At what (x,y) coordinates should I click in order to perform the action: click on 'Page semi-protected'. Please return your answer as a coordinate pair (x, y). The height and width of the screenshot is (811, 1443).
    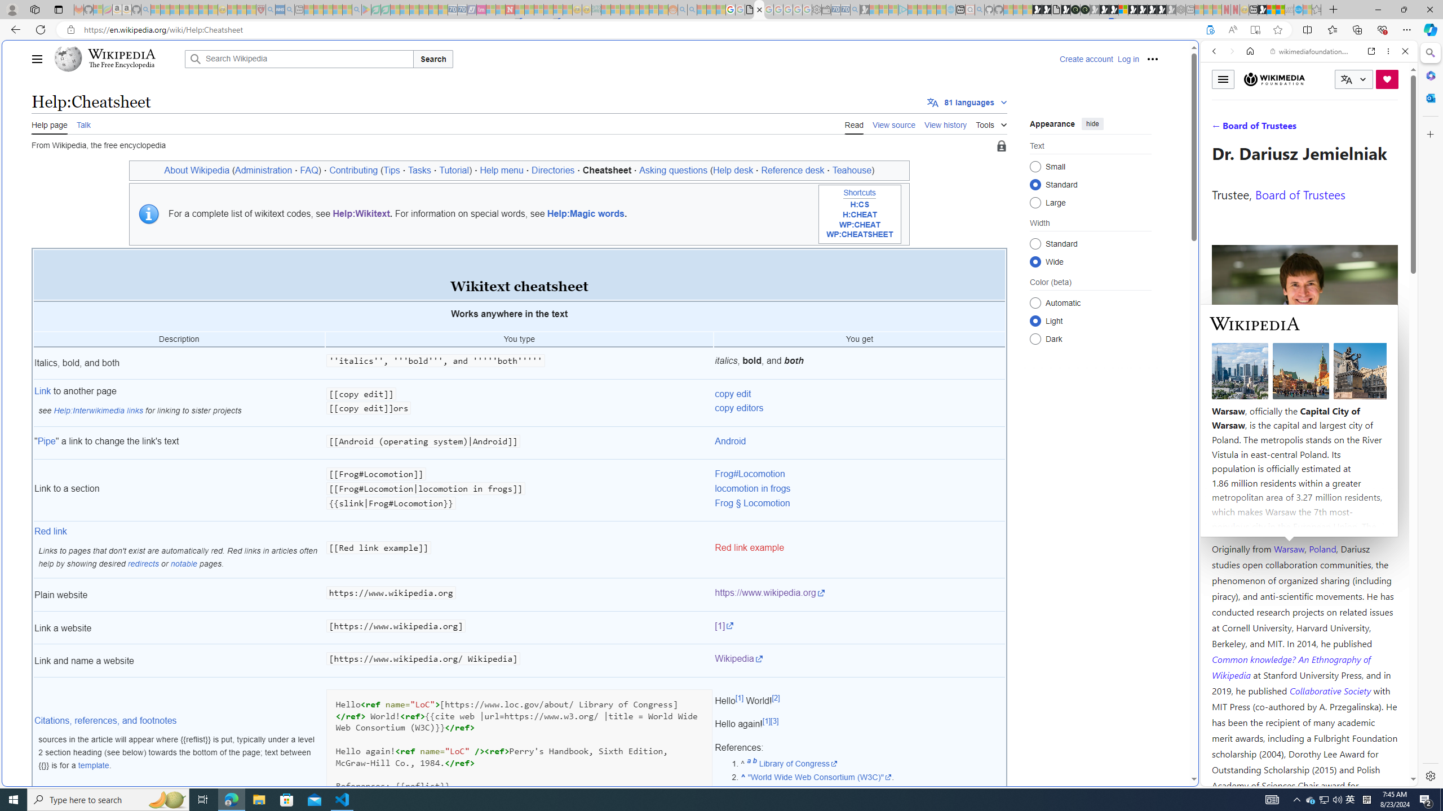
    Looking at the image, I should click on (1001, 145).